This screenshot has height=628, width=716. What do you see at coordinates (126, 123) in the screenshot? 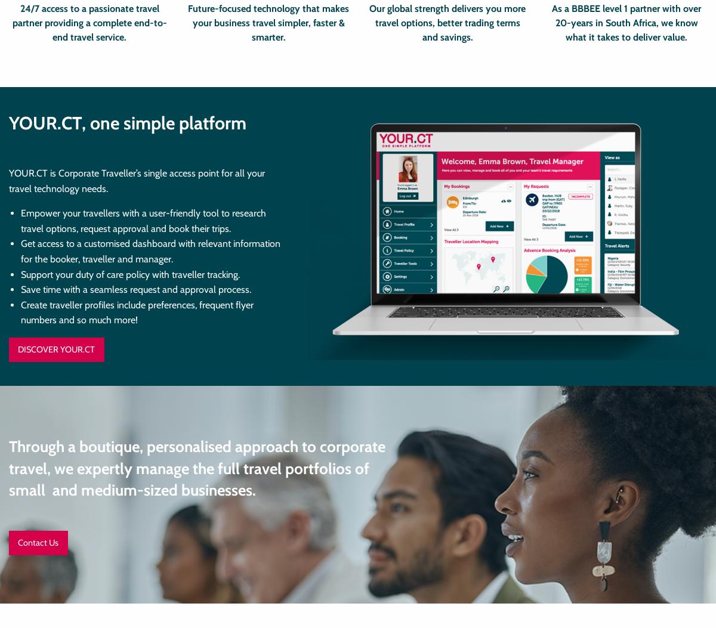
I see `'YOUR.CT, one simple platform'` at bounding box center [126, 123].